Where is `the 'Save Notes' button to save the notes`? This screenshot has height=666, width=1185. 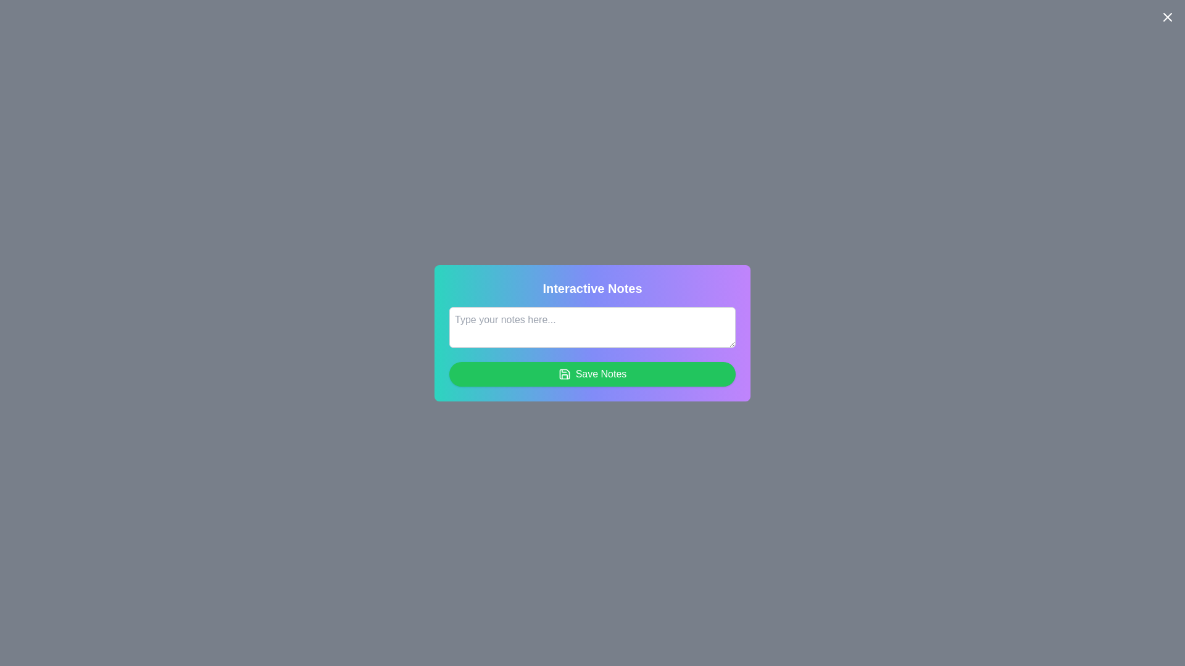 the 'Save Notes' button to save the notes is located at coordinates (592, 373).